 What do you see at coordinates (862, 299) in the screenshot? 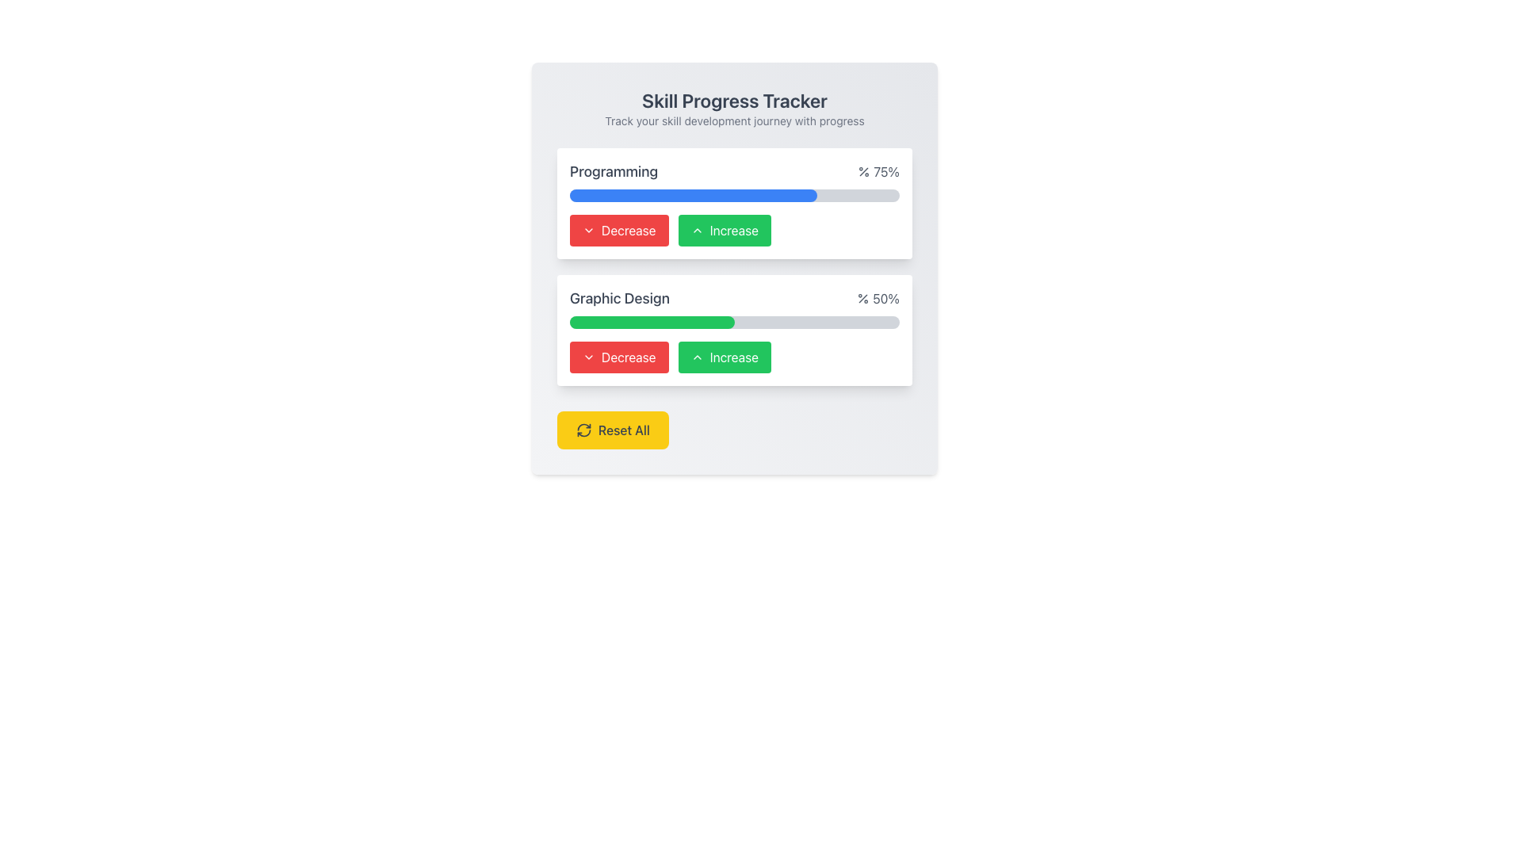
I see `the modern percentage icon, which features a diagonal line separating two filled circular dots, located to the left of the '50%' text in the 'Graphic Design' section` at bounding box center [862, 299].